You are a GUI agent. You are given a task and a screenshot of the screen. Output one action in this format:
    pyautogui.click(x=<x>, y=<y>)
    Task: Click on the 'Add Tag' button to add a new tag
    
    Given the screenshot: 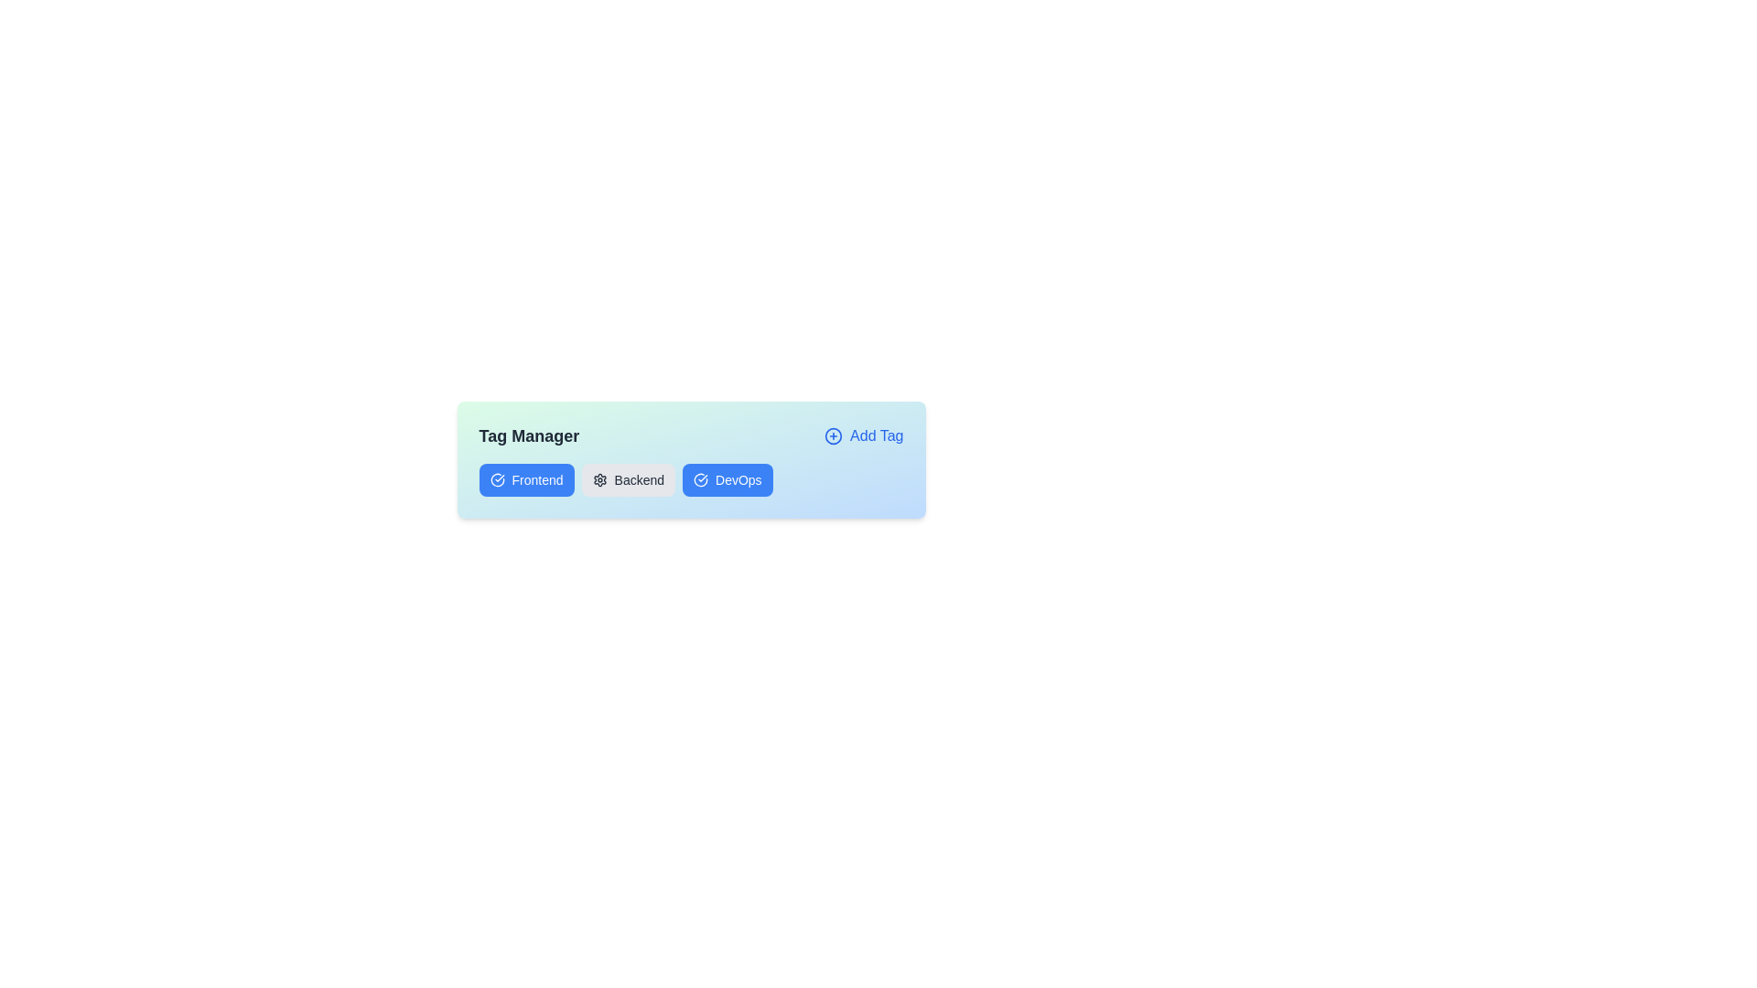 What is the action you would take?
    pyautogui.click(x=863, y=436)
    